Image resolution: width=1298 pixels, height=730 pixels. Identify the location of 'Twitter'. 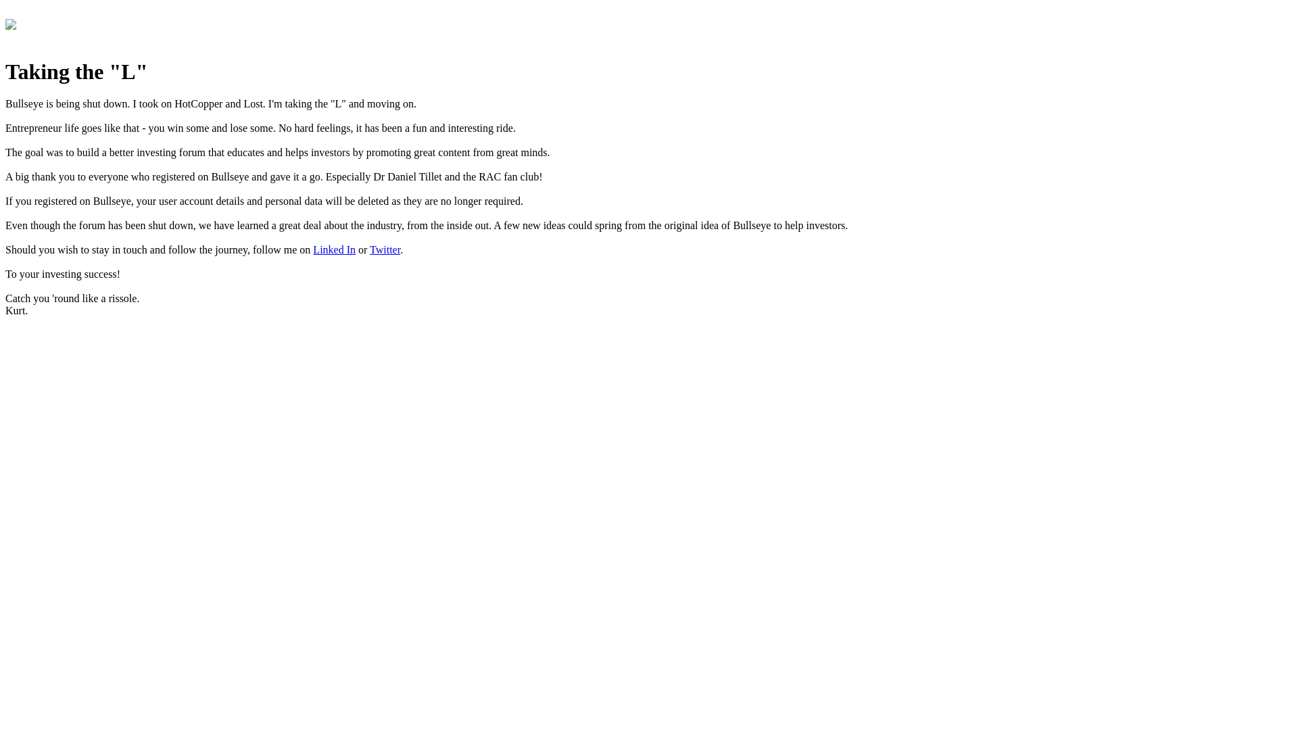
(384, 249).